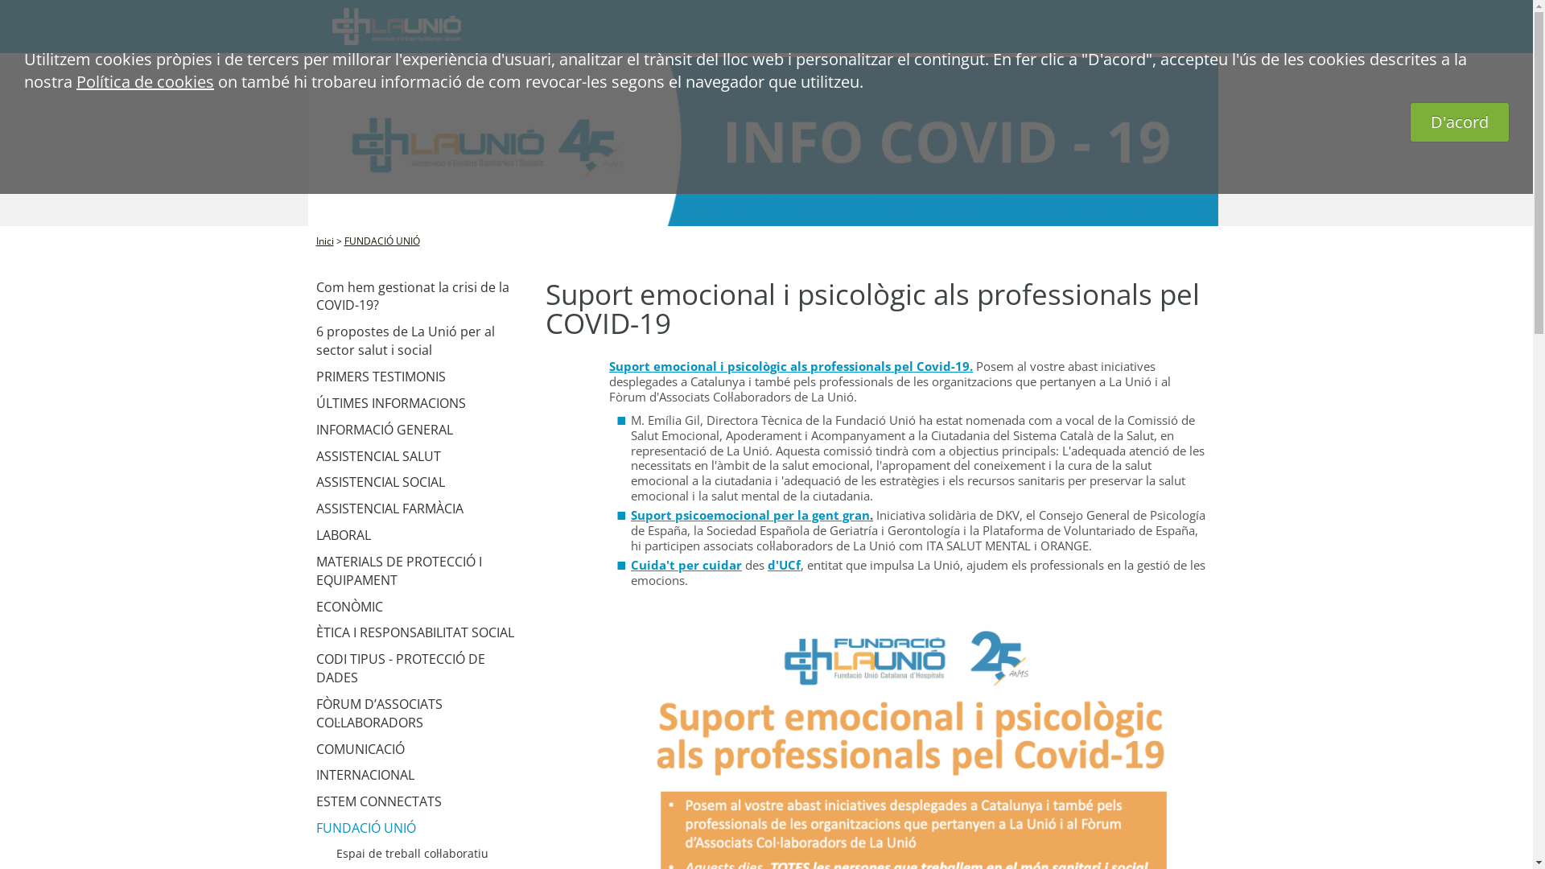 The width and height of the screenshot is (1545, 869). I want to click on 'INTERNACIONAL', so click(422, 774).